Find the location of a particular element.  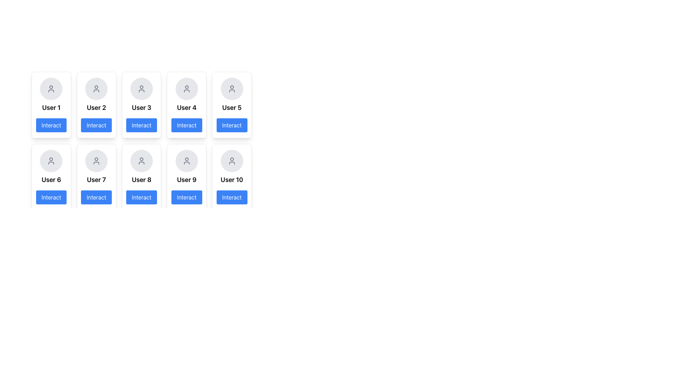

the circular image icon with a gray background and user profile pictogram, which is the first item in a column layout is located at coordinates (51, 89).